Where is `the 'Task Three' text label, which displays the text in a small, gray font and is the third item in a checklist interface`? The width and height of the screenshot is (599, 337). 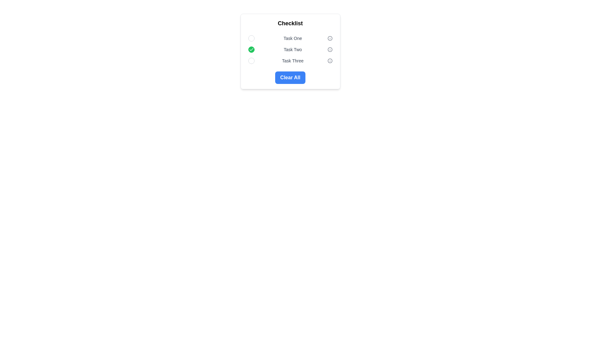
the 'Task Three' text label, which displays the text in a small, gray font and is the third item in a checklist interface is located at coordinates (292, 61).